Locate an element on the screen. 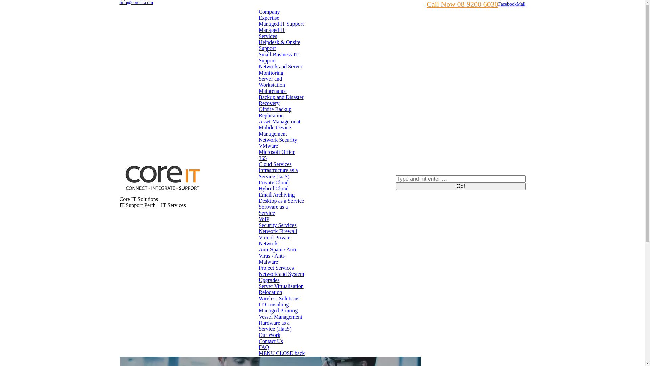 The height and width of the screenshot is (366, 650). 'Relocation' is located at coordinates (270, 292).